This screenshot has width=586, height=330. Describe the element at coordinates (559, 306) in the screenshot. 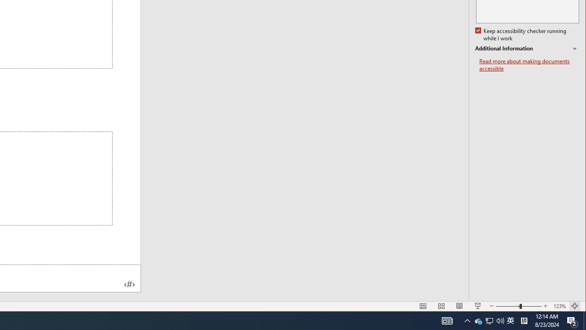

I see `'Zoom 123%'` at that location.